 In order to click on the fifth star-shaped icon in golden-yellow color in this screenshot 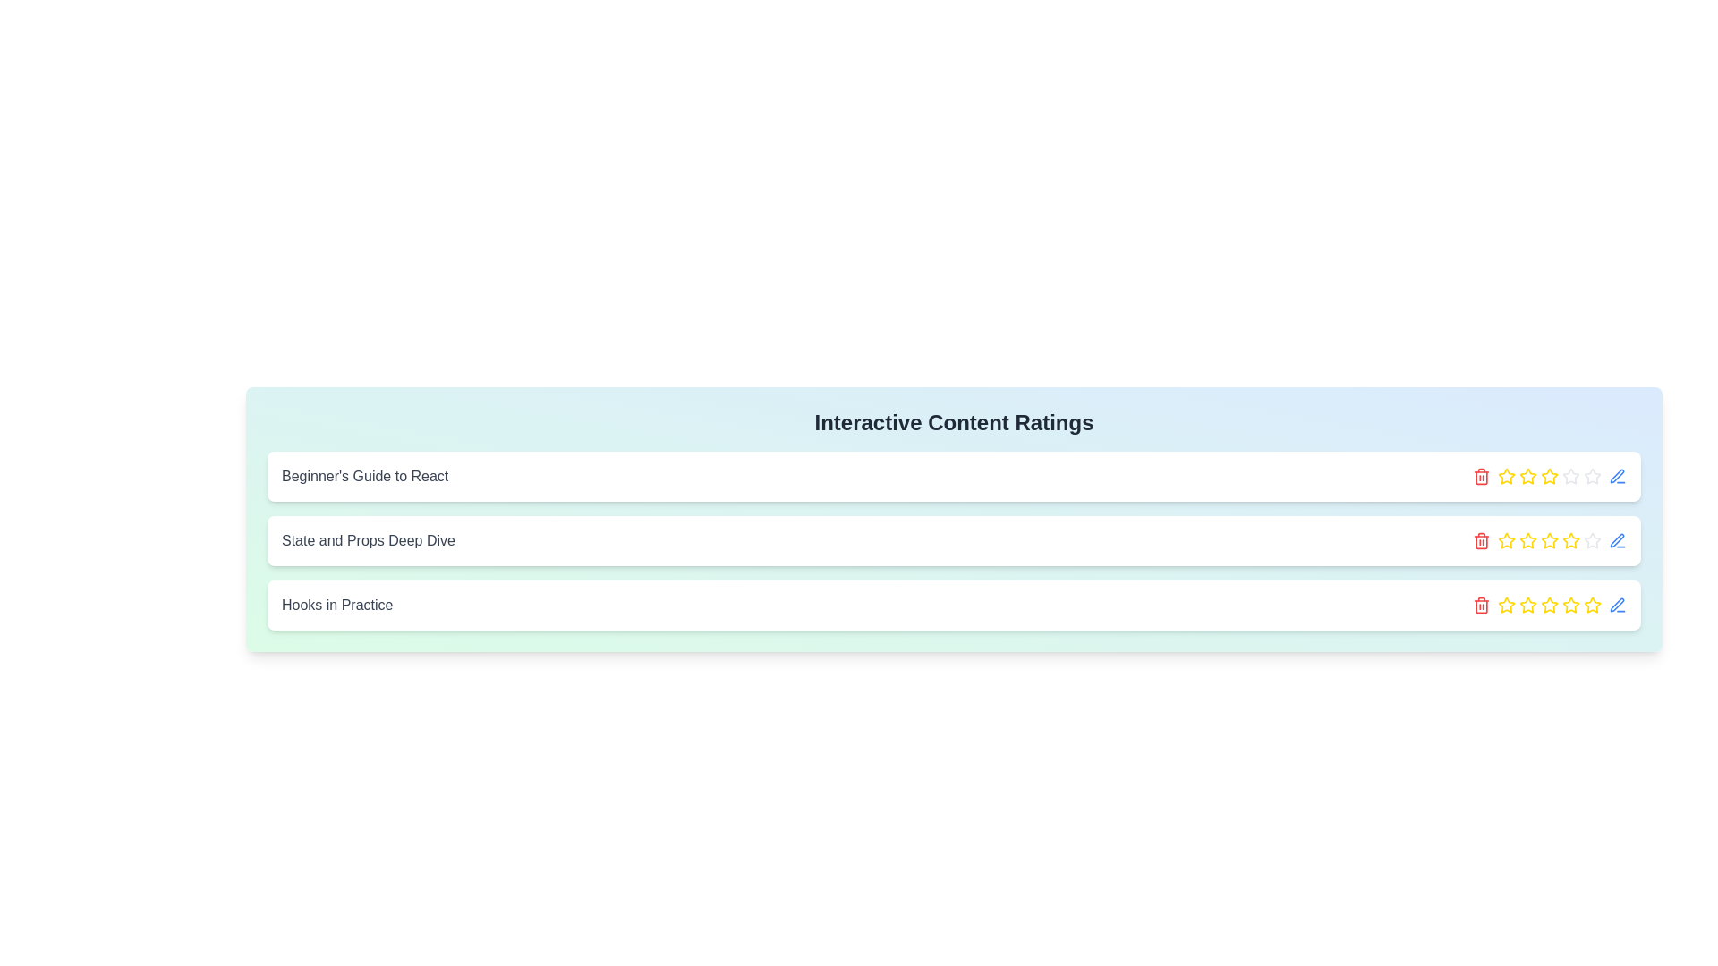, I will do `click(1569, 604)`.